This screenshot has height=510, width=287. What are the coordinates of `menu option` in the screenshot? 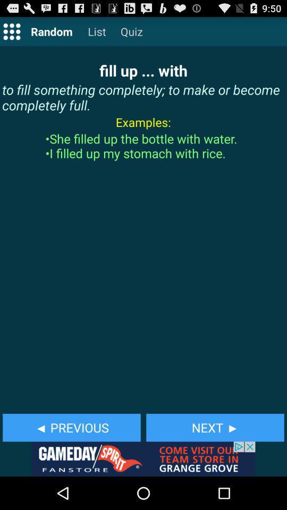 It's located at (11, 31).